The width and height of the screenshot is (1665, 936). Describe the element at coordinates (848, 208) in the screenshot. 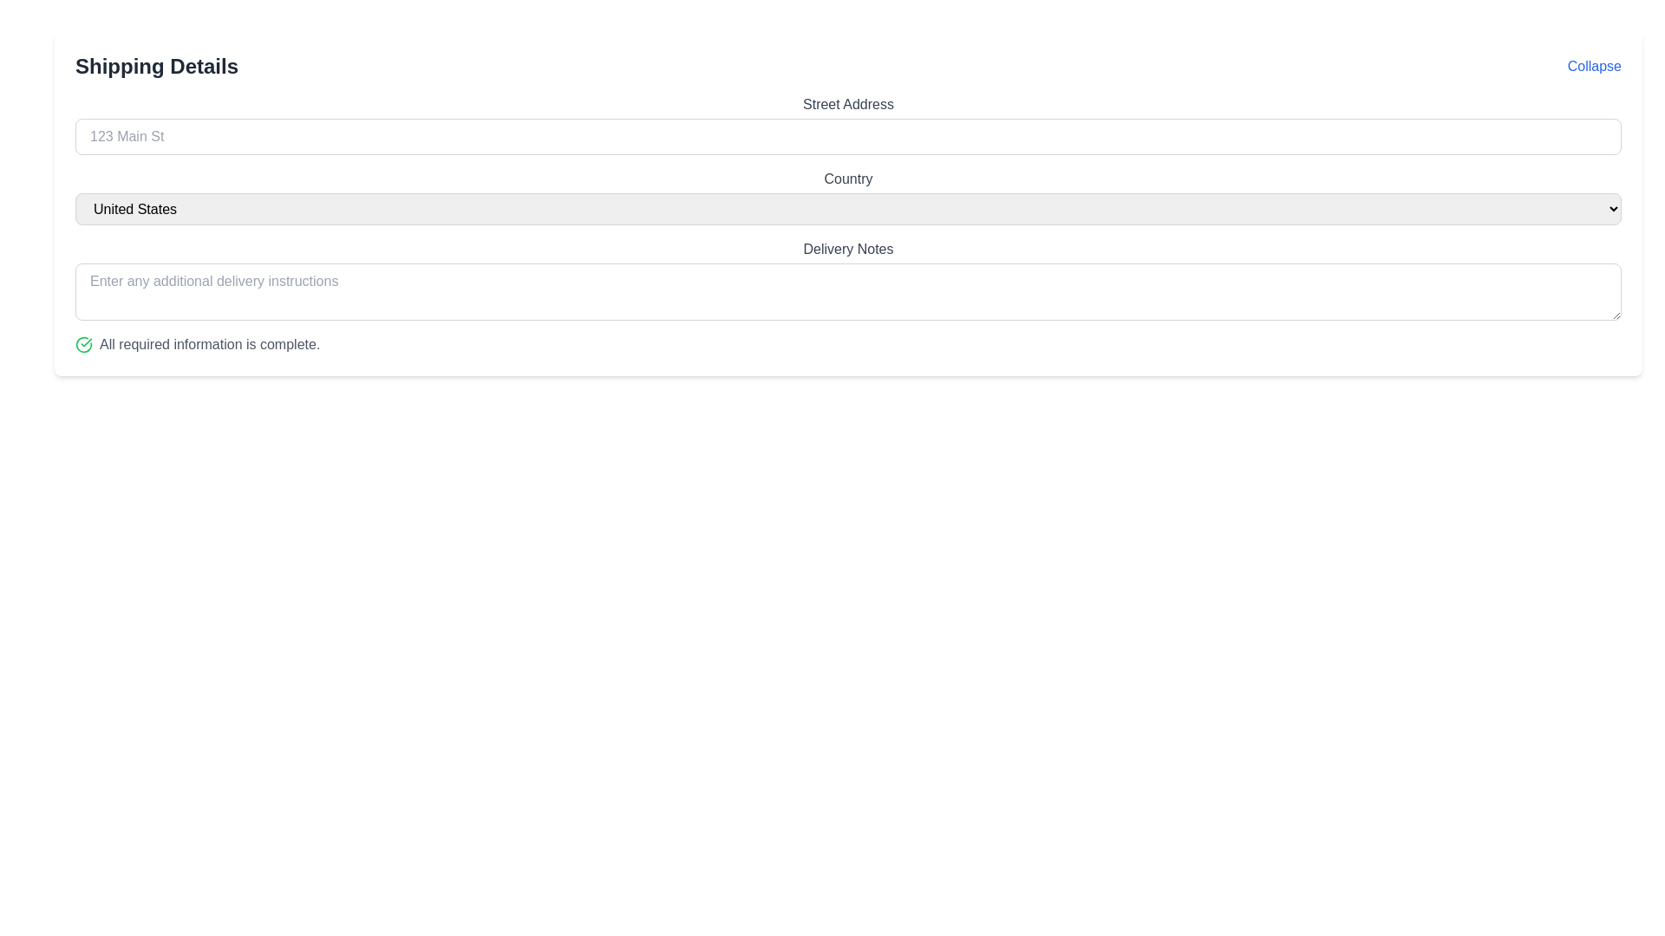

I see `an option from the dropdown menu labeled 'United States', which has a light gray background and is positioned below the 'Country' label` at that location.